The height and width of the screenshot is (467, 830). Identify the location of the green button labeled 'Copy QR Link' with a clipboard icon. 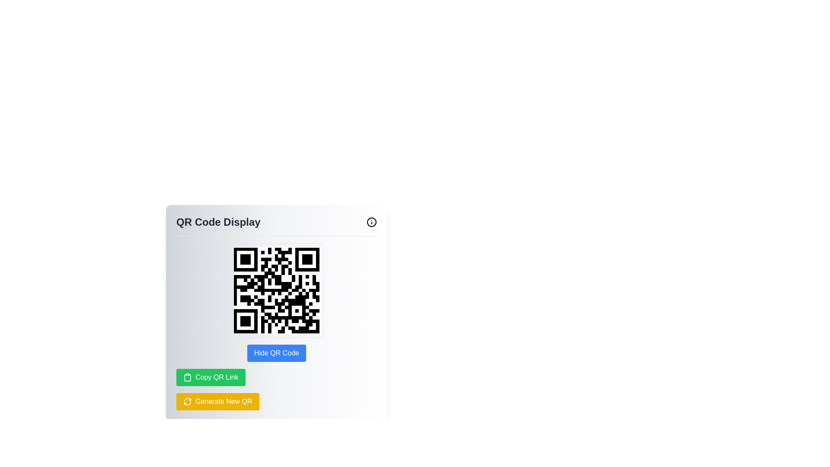
(211, 377).